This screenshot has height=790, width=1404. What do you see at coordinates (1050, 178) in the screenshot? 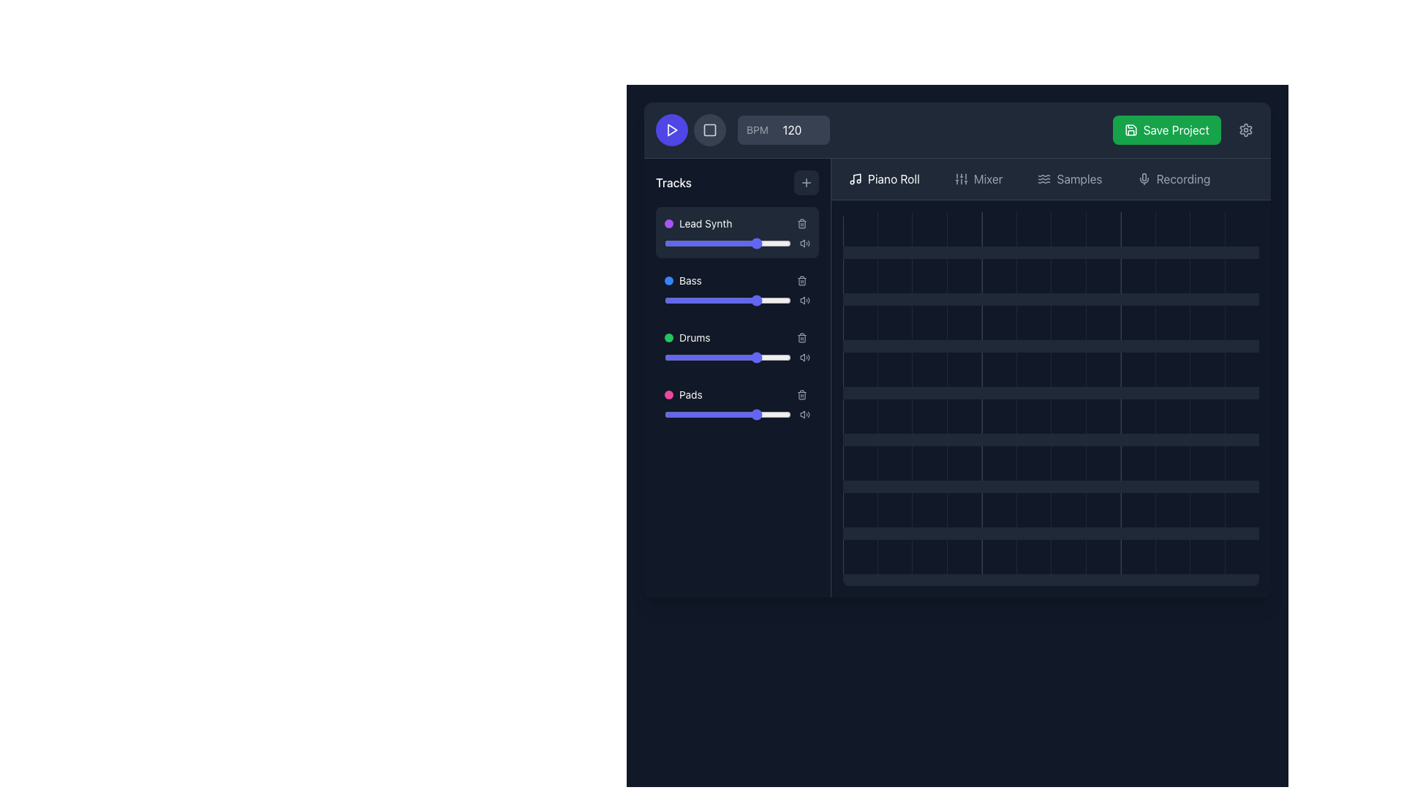
I see `the Navigation bar at the top of the interface` at bounding box center [1050, 178].